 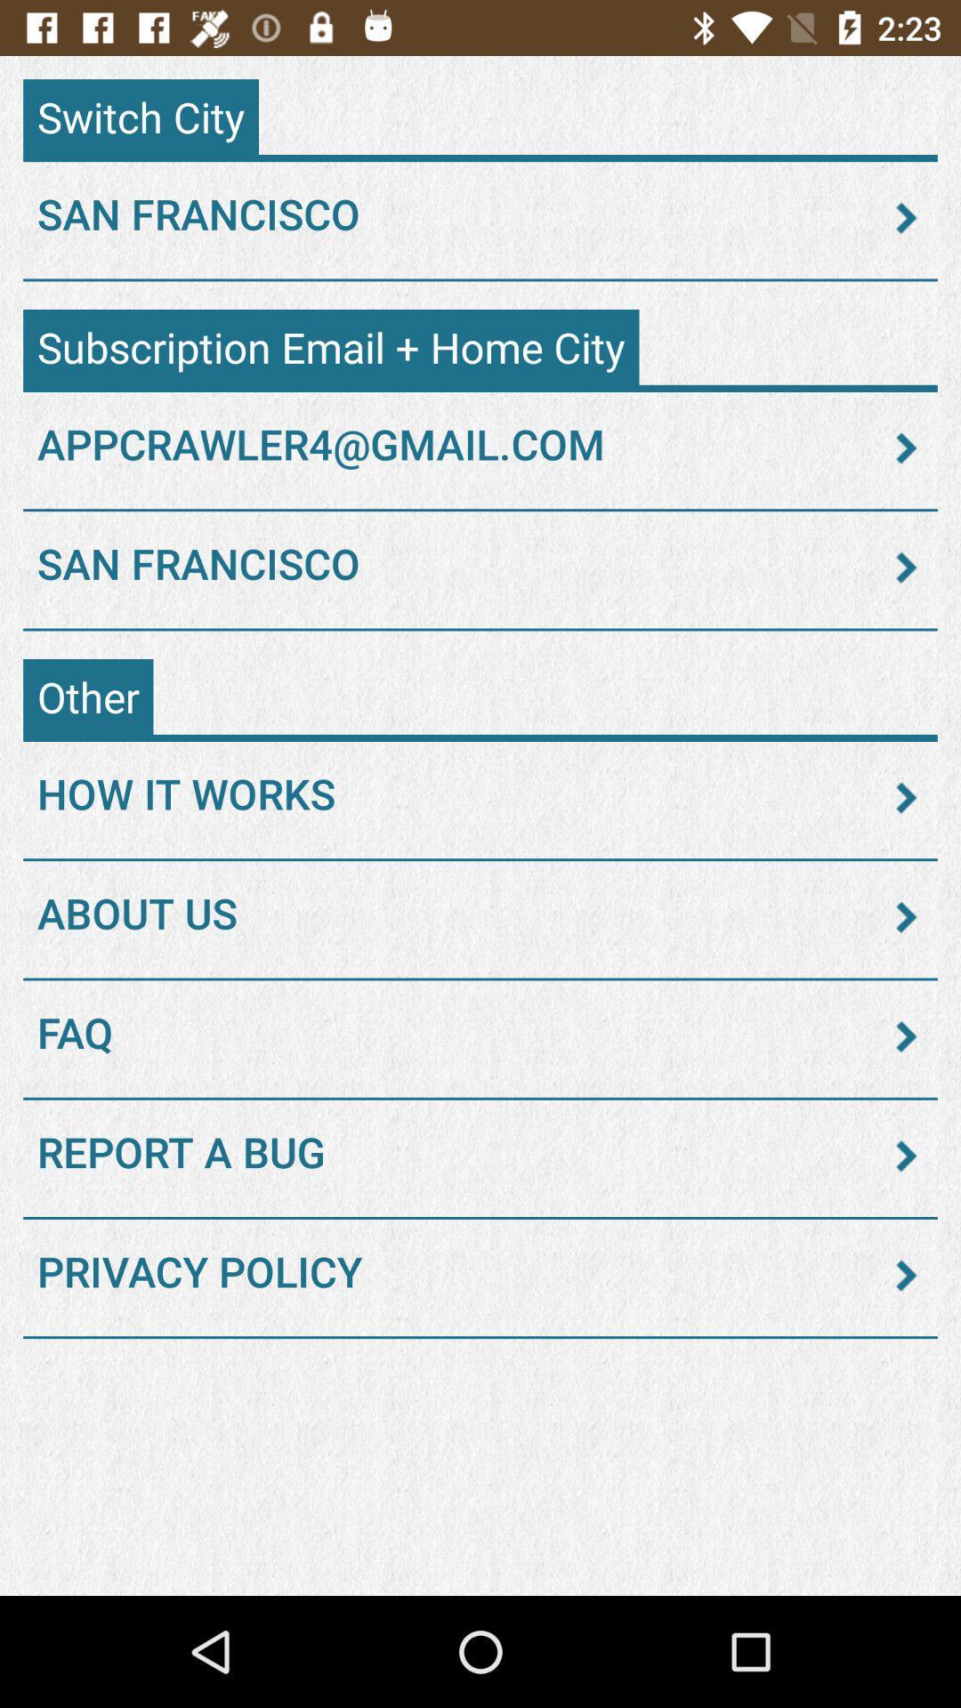 I want to click on privacy policy icon, so click(x=480, y=1275).